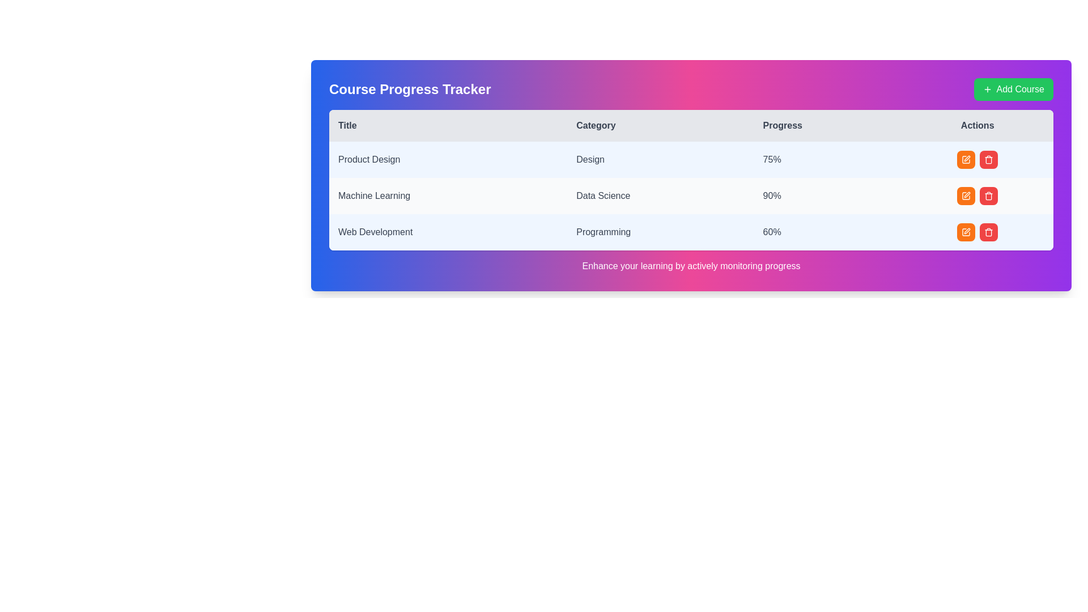 The image size is (1088, 612). What do you see at coordinates (966, 159) in the screenshot?
I see `the graphical icon resembling a bordered square in the 'Actions' column of the third row ('Web Development') of the table` at bounding box center [966, 159].